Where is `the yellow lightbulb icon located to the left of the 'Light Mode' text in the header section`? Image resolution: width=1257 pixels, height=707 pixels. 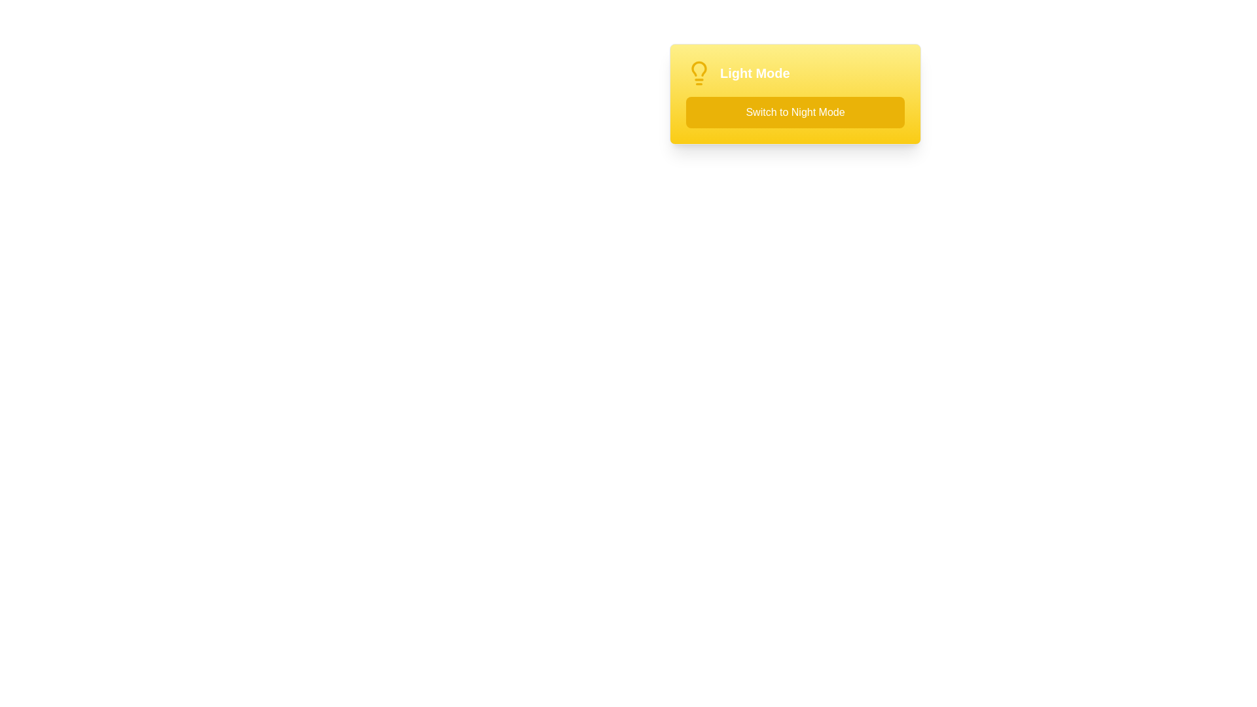
the yellow lightbulb icon located to the left of the 'Light Mode' text in the header section is located at coordinates (699, 73).